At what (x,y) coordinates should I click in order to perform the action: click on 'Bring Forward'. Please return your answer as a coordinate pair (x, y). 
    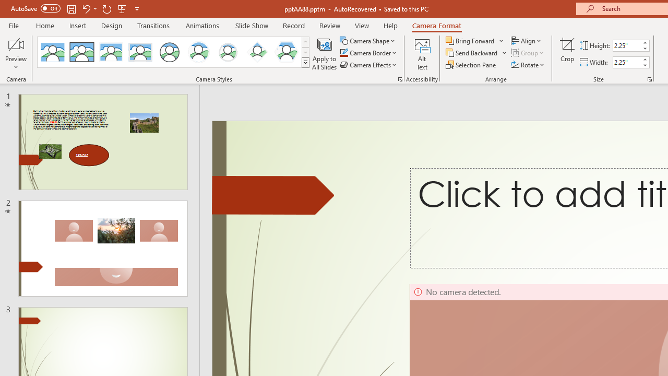
    Looking at the image, I should click on (470, 40).